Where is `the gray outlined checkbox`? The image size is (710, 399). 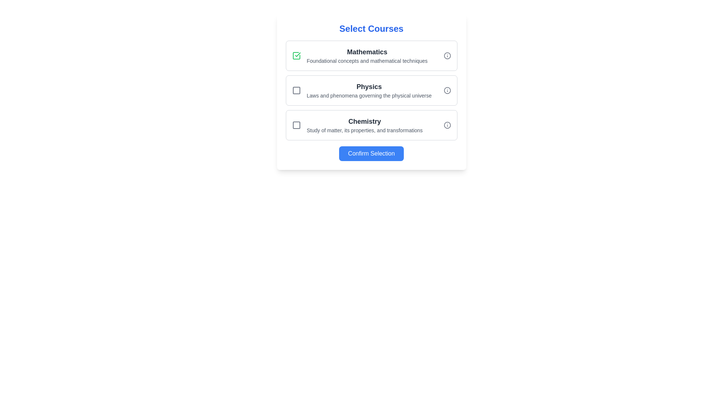
the gray outlined checkbox is located at coordinates (296, 125).